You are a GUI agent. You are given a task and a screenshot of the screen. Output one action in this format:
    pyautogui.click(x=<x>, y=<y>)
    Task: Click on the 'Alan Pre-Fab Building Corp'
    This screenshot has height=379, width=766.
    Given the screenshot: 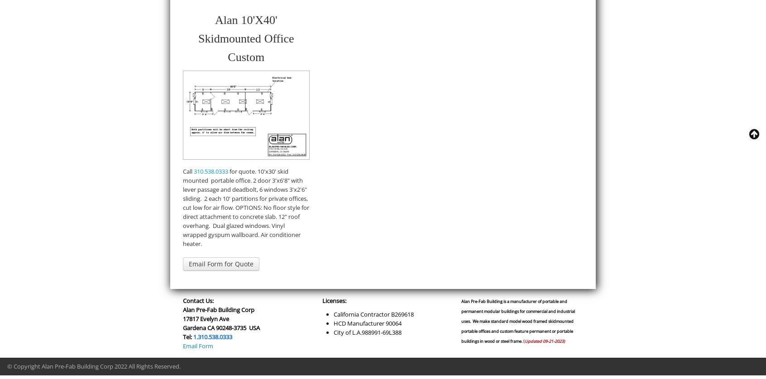 What is the action you would take?
    pyautogui.click(x=218, y=308)
    